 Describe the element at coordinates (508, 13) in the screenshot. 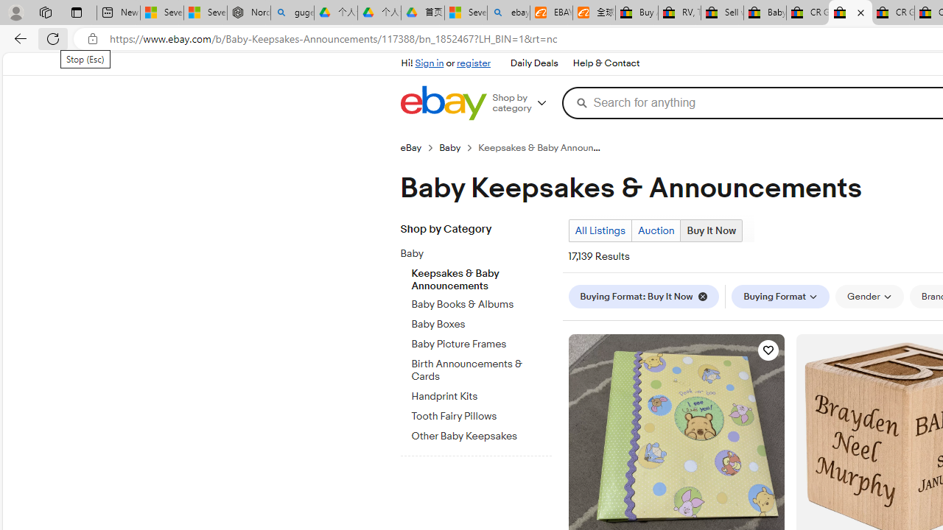

I see `'ebay - Search'` at that location.